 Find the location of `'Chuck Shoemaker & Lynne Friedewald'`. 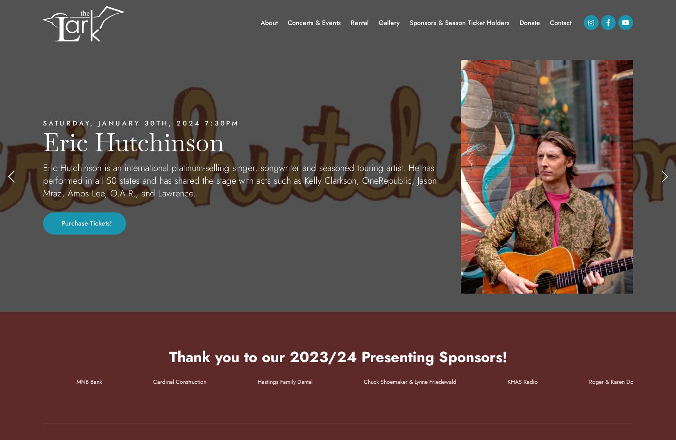

'Chuck Shoemaker & Lynne Friedewald' is located at coordinates (392, 382).